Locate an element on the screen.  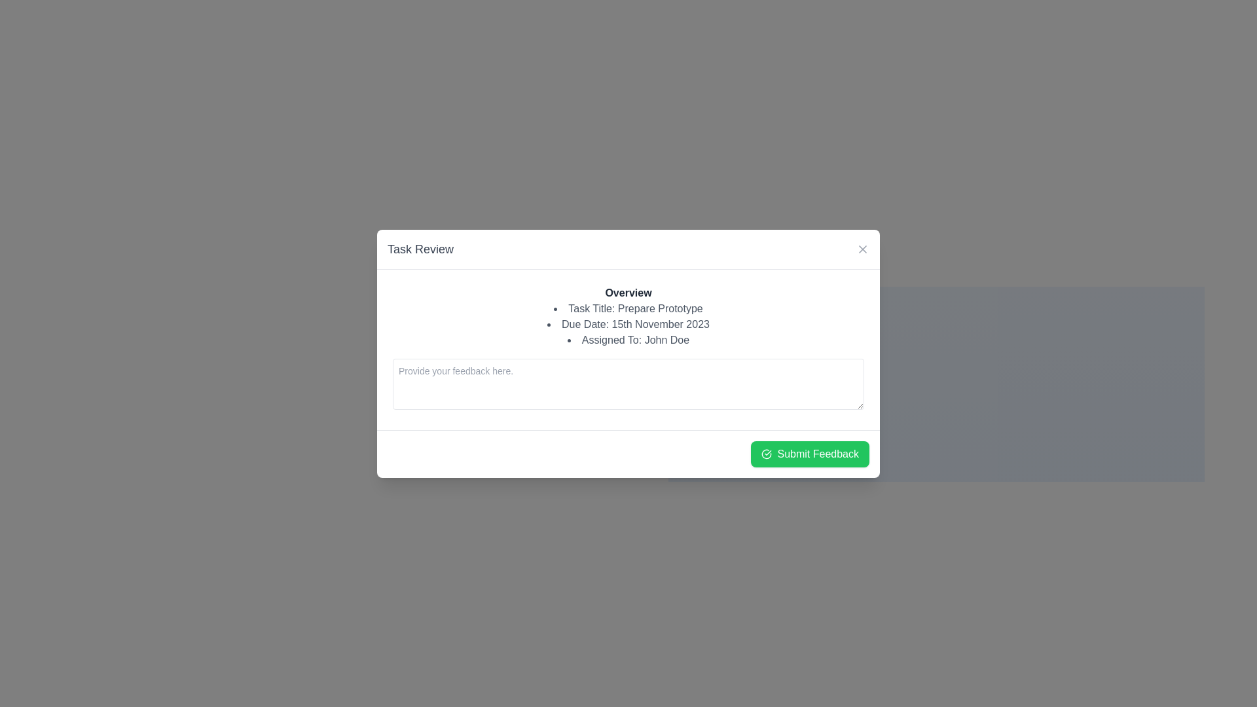
the close button (SVG Icon) located in the top-right corner of the 'Task Review' modal is located at coordinates (863, 249).